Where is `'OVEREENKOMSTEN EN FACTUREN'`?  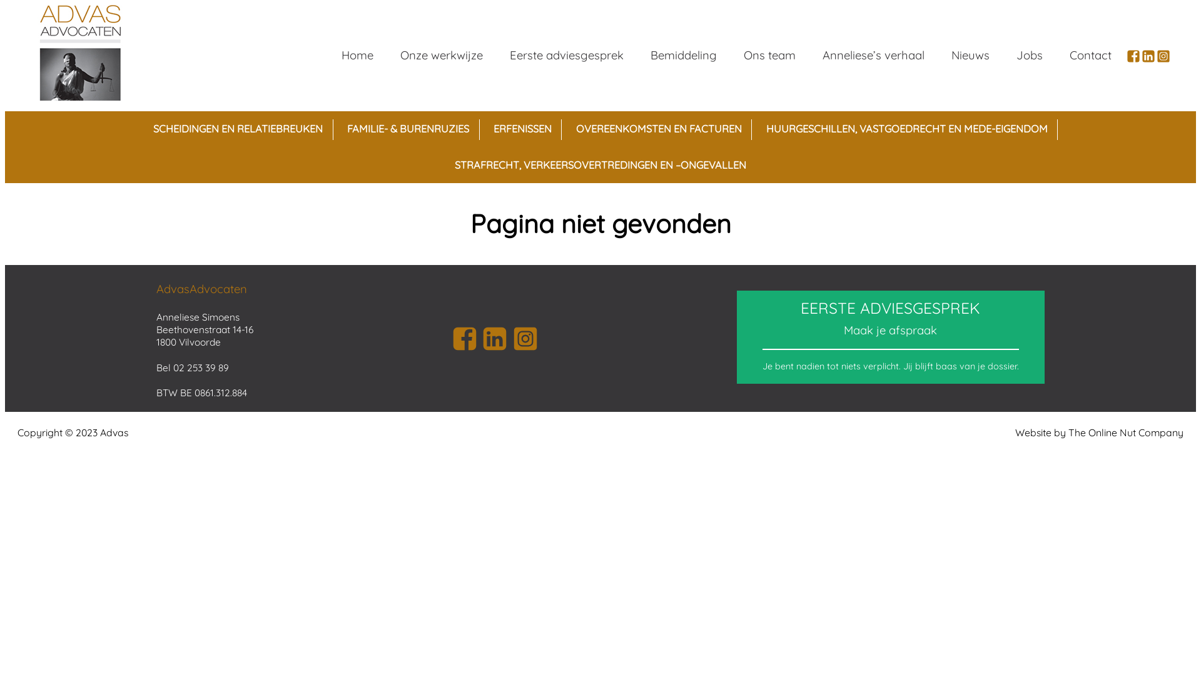
'OVEREENKOMSTEN EN FACTUREN' is located at coordinates (657, 129).